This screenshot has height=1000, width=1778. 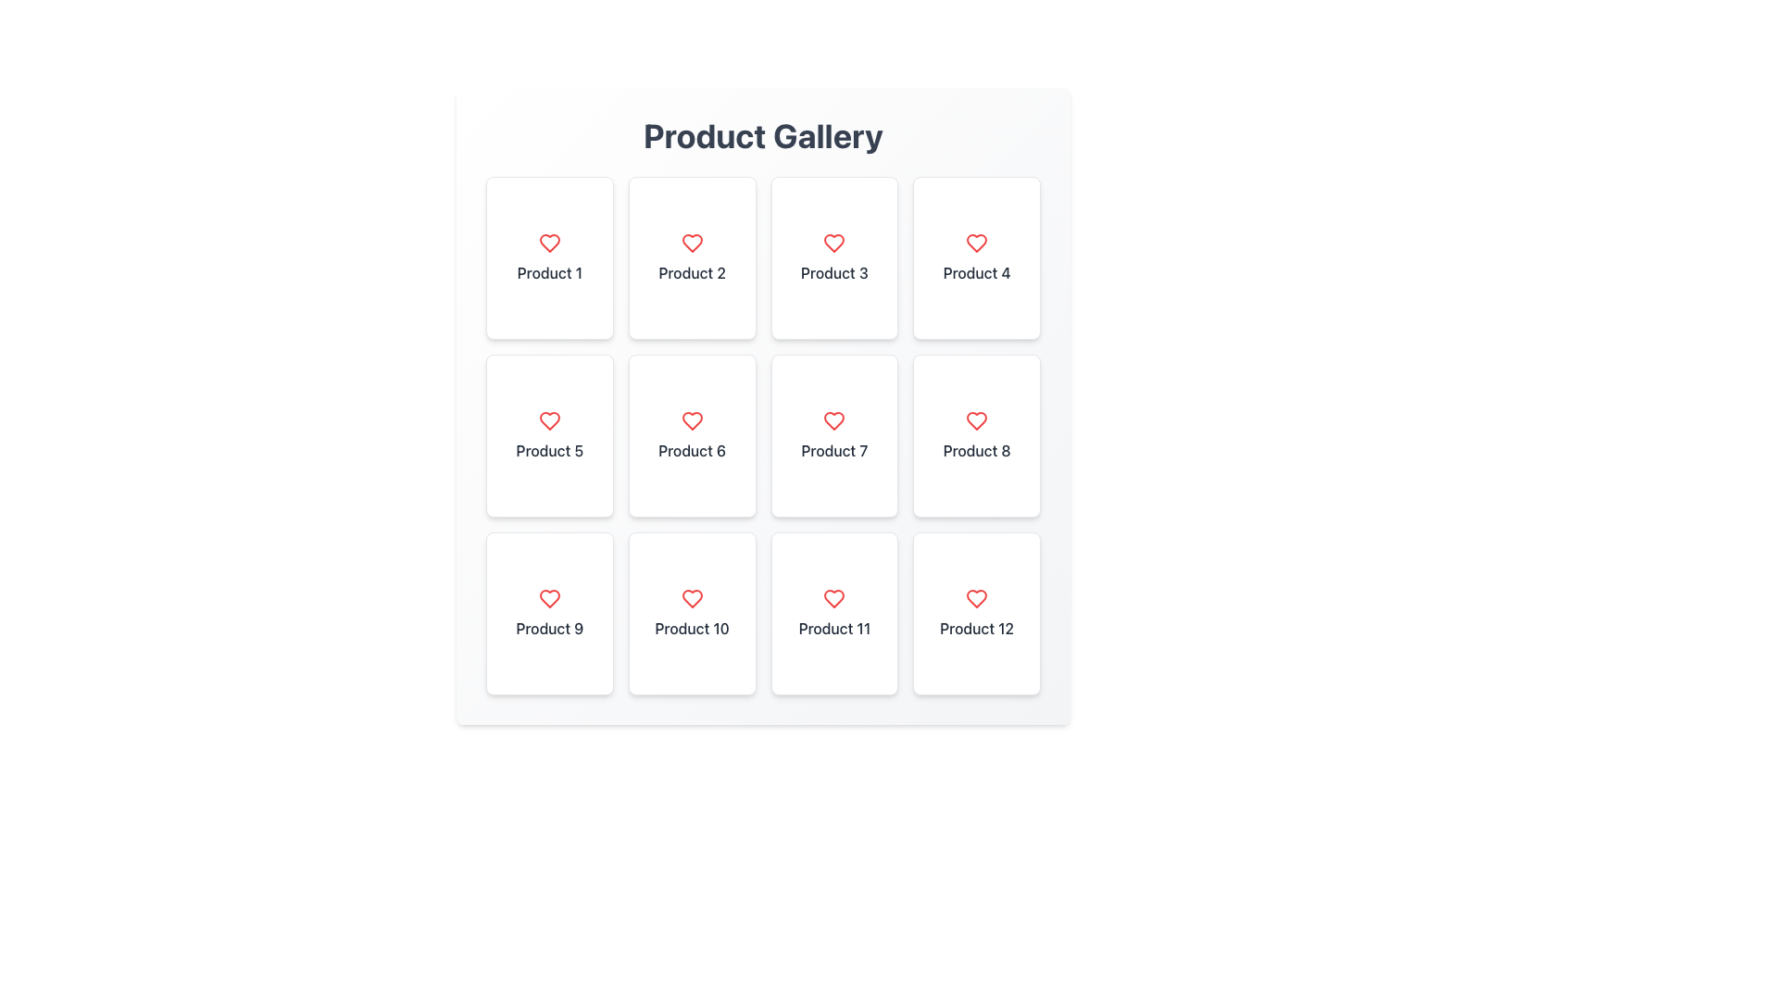 What do you see at coordinates (976, 435) in the screenshot?
I see `the product representation card located in the third row, fourth column of the grid layout, beneath 'Product 7' and above 'Product 12'` at bounding box center [976, 435].